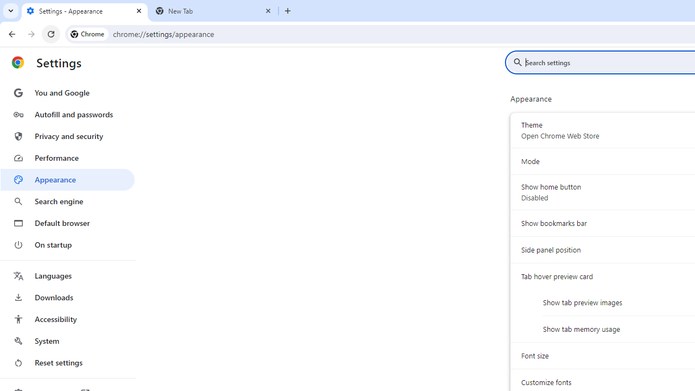  What do you see at coordinates (67, 297) in the screenshot?
I see `'Downloads'` at bounding box center [67, 297].